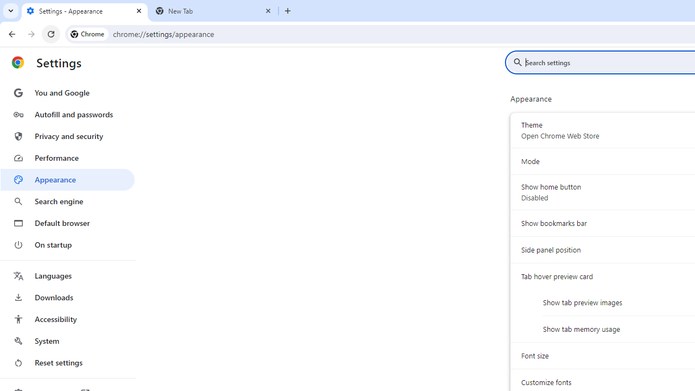  What do you see at coordinates (67, 297) in the screenshot?
I see `'Downloads'` at bounding box center [67, 297].